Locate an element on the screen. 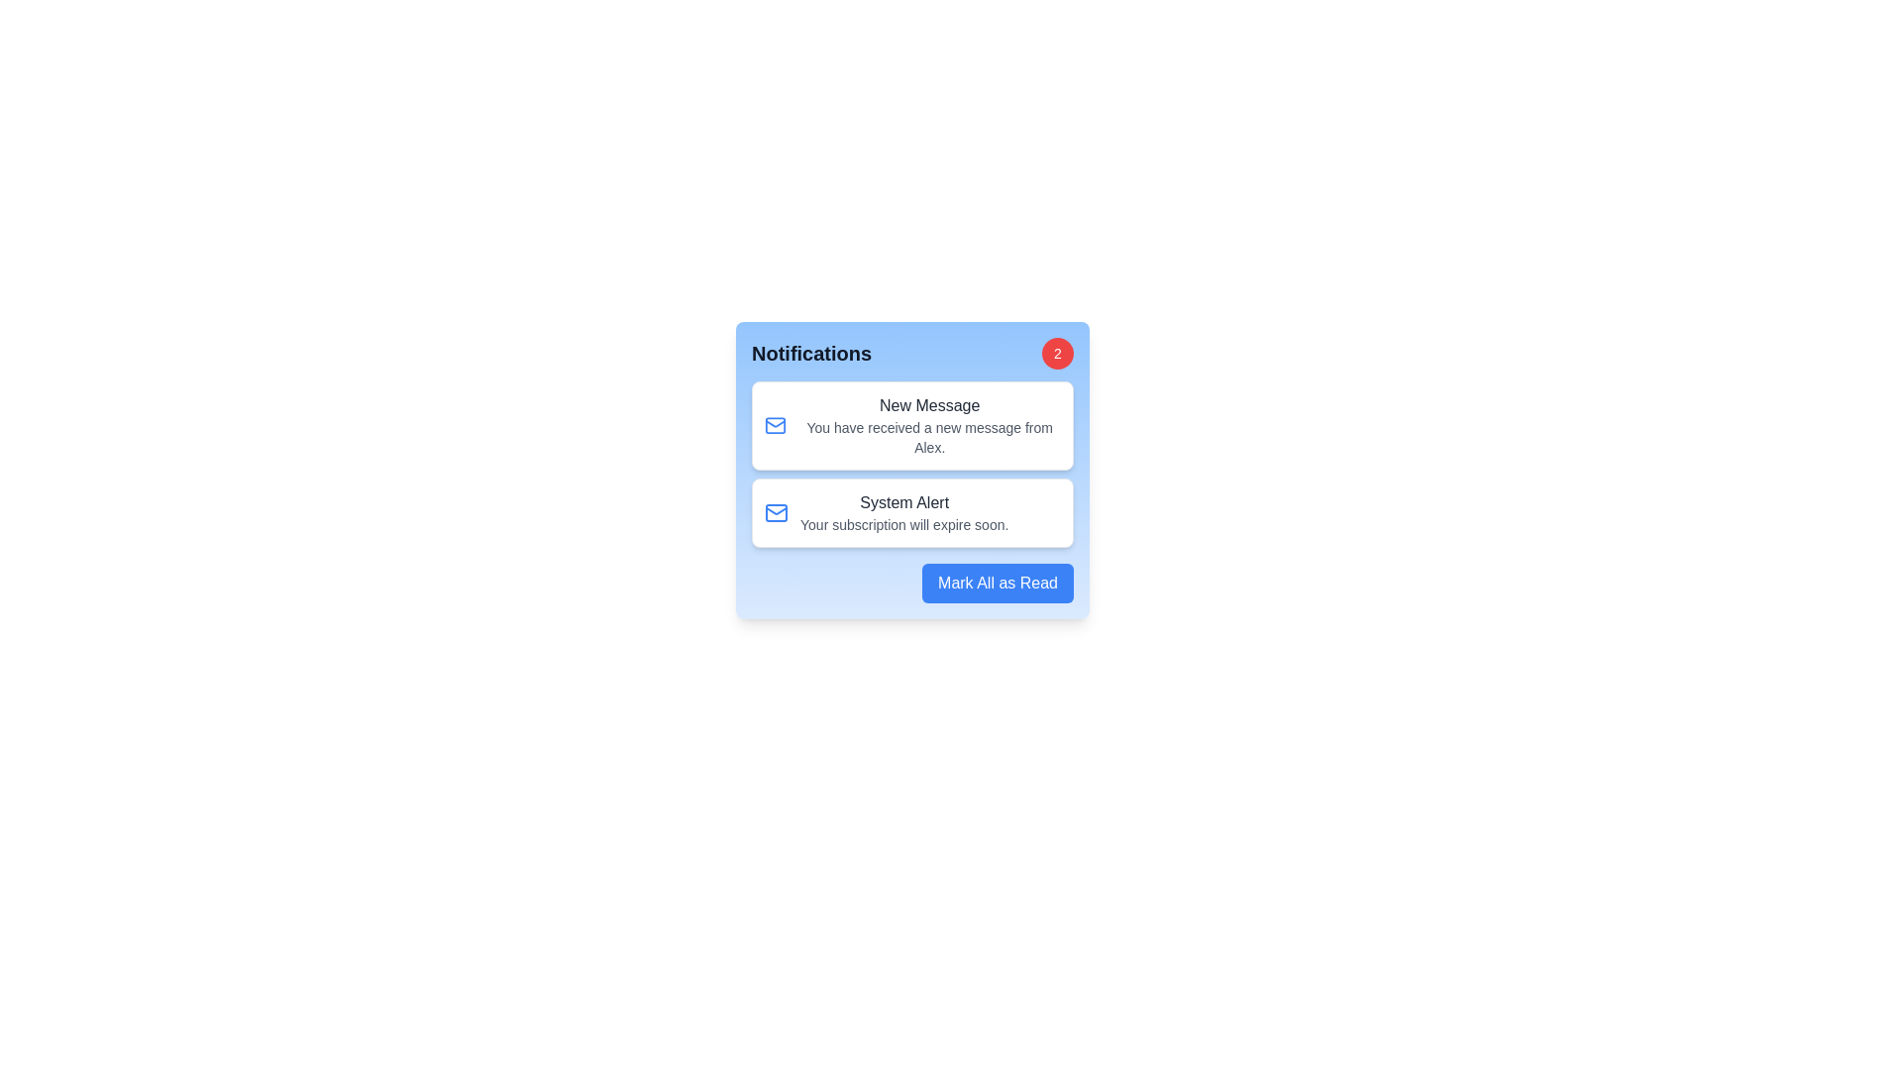 The width and height of the screenshot is (1902, 1070). the text snippet reading 'Your subscription will expire soon.' which is styled in gray and located below the 'System Alert' header in the notification card is located at coordinates (903, 523).